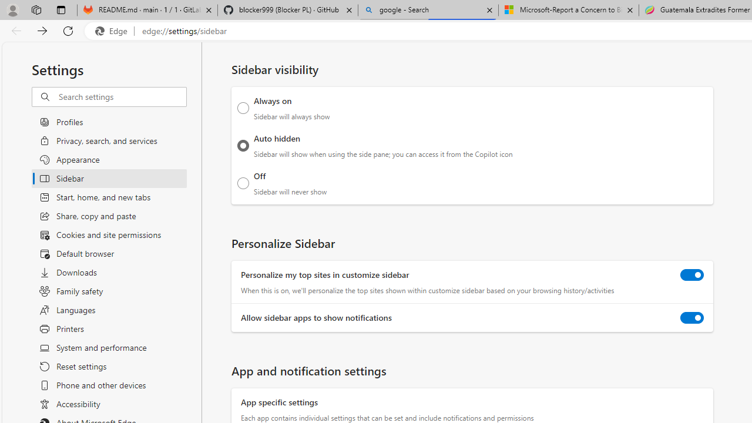 The height and width of the screenshot is (423, 752). I want to click on 'Allow sidebar apps to show notifications', so click(692, 318).